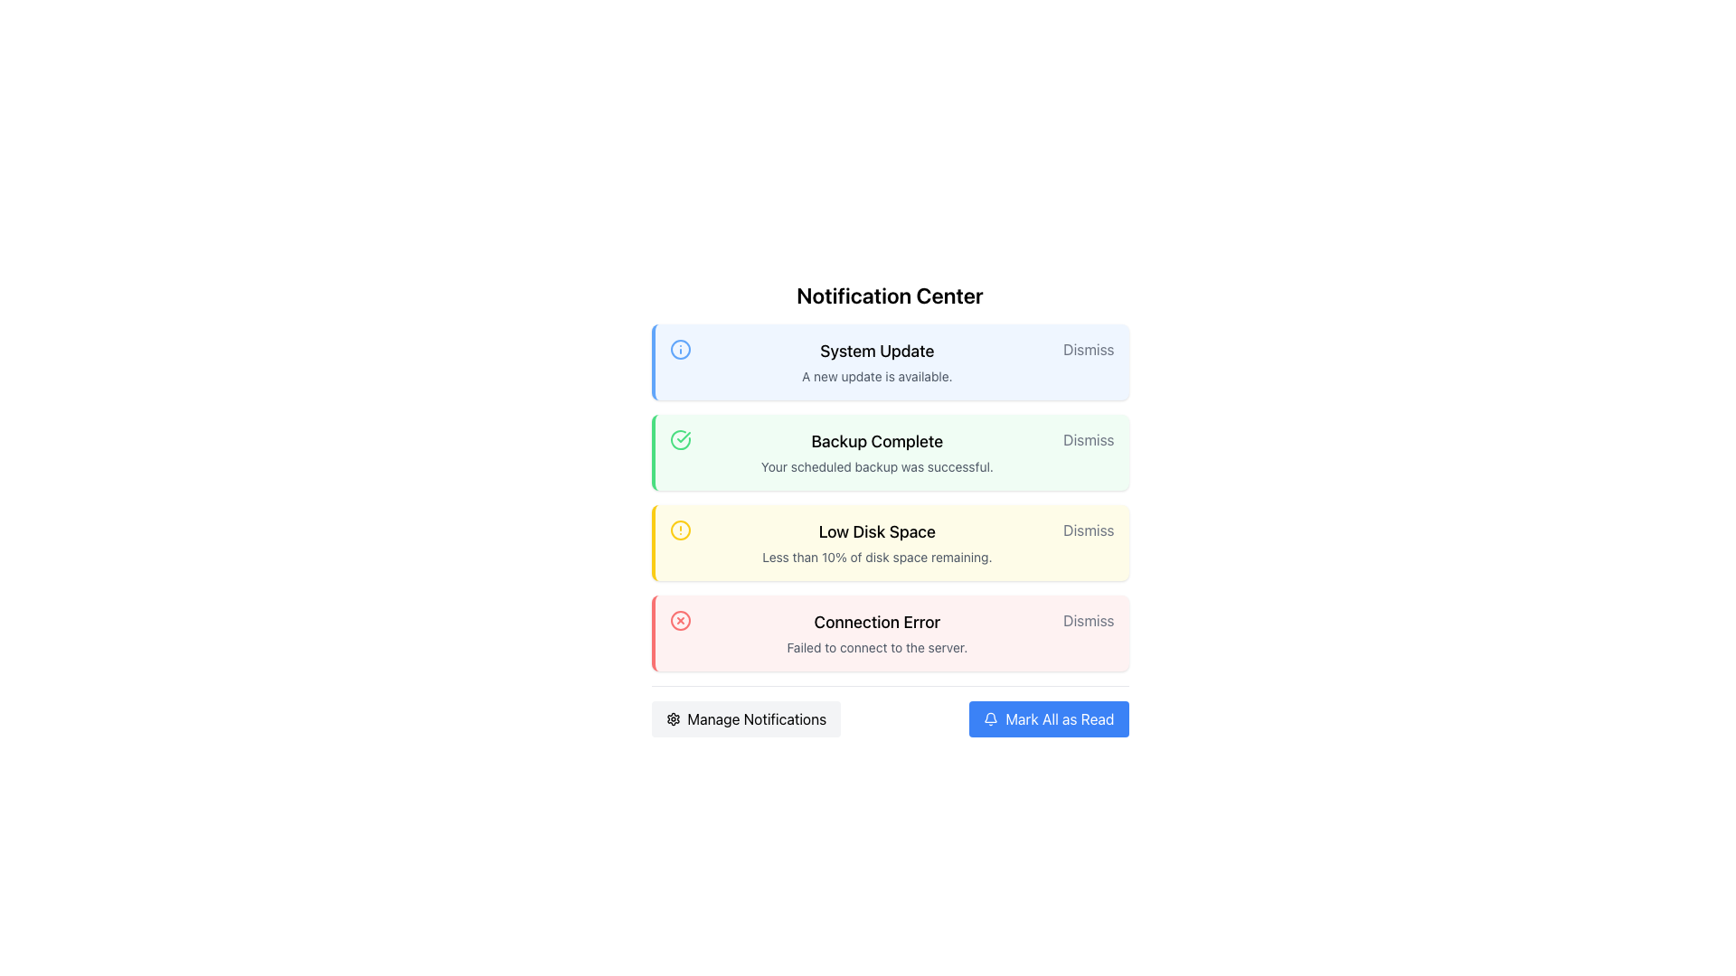 The height and width of the screenshot is (976, 1736). What do you see at coordinates (1088, 439) in the screenshot?
I see `the dismiss button in the upper right corner of the 'Backup Complete' notification card to change its color` at bounding box center [1088, 439].